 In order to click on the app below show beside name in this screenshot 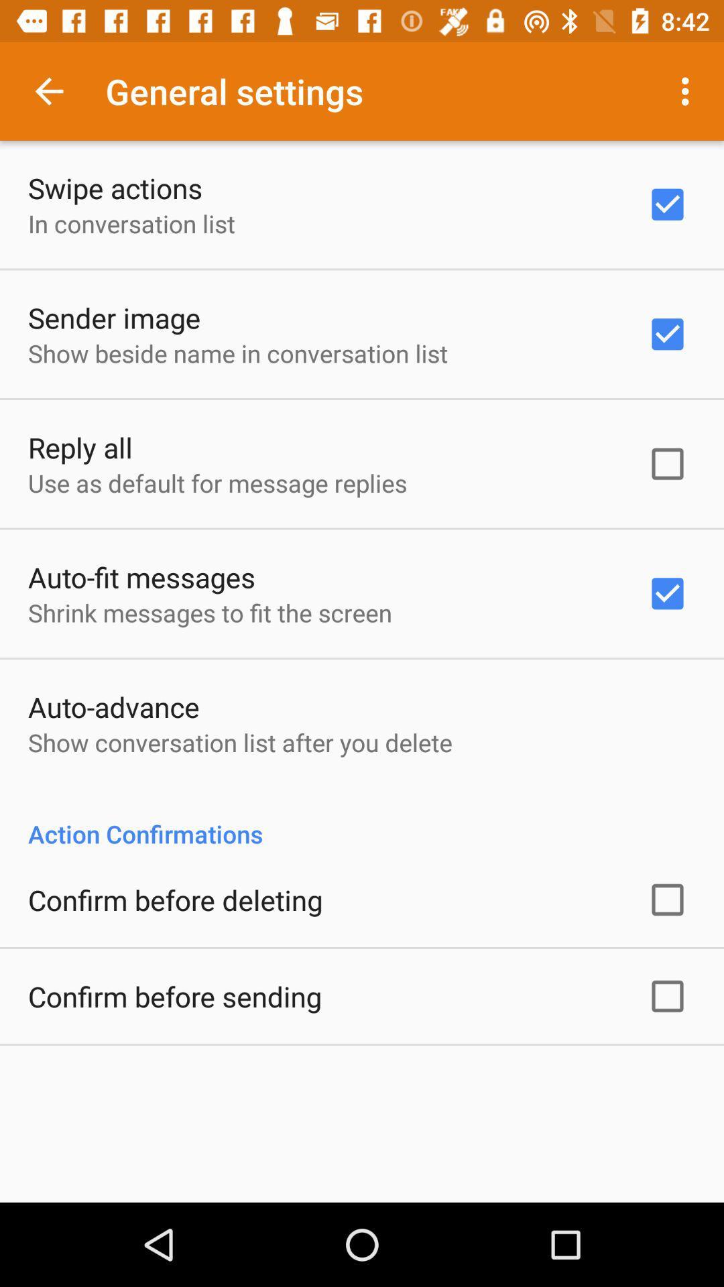, I will do `click(80, 447)`.